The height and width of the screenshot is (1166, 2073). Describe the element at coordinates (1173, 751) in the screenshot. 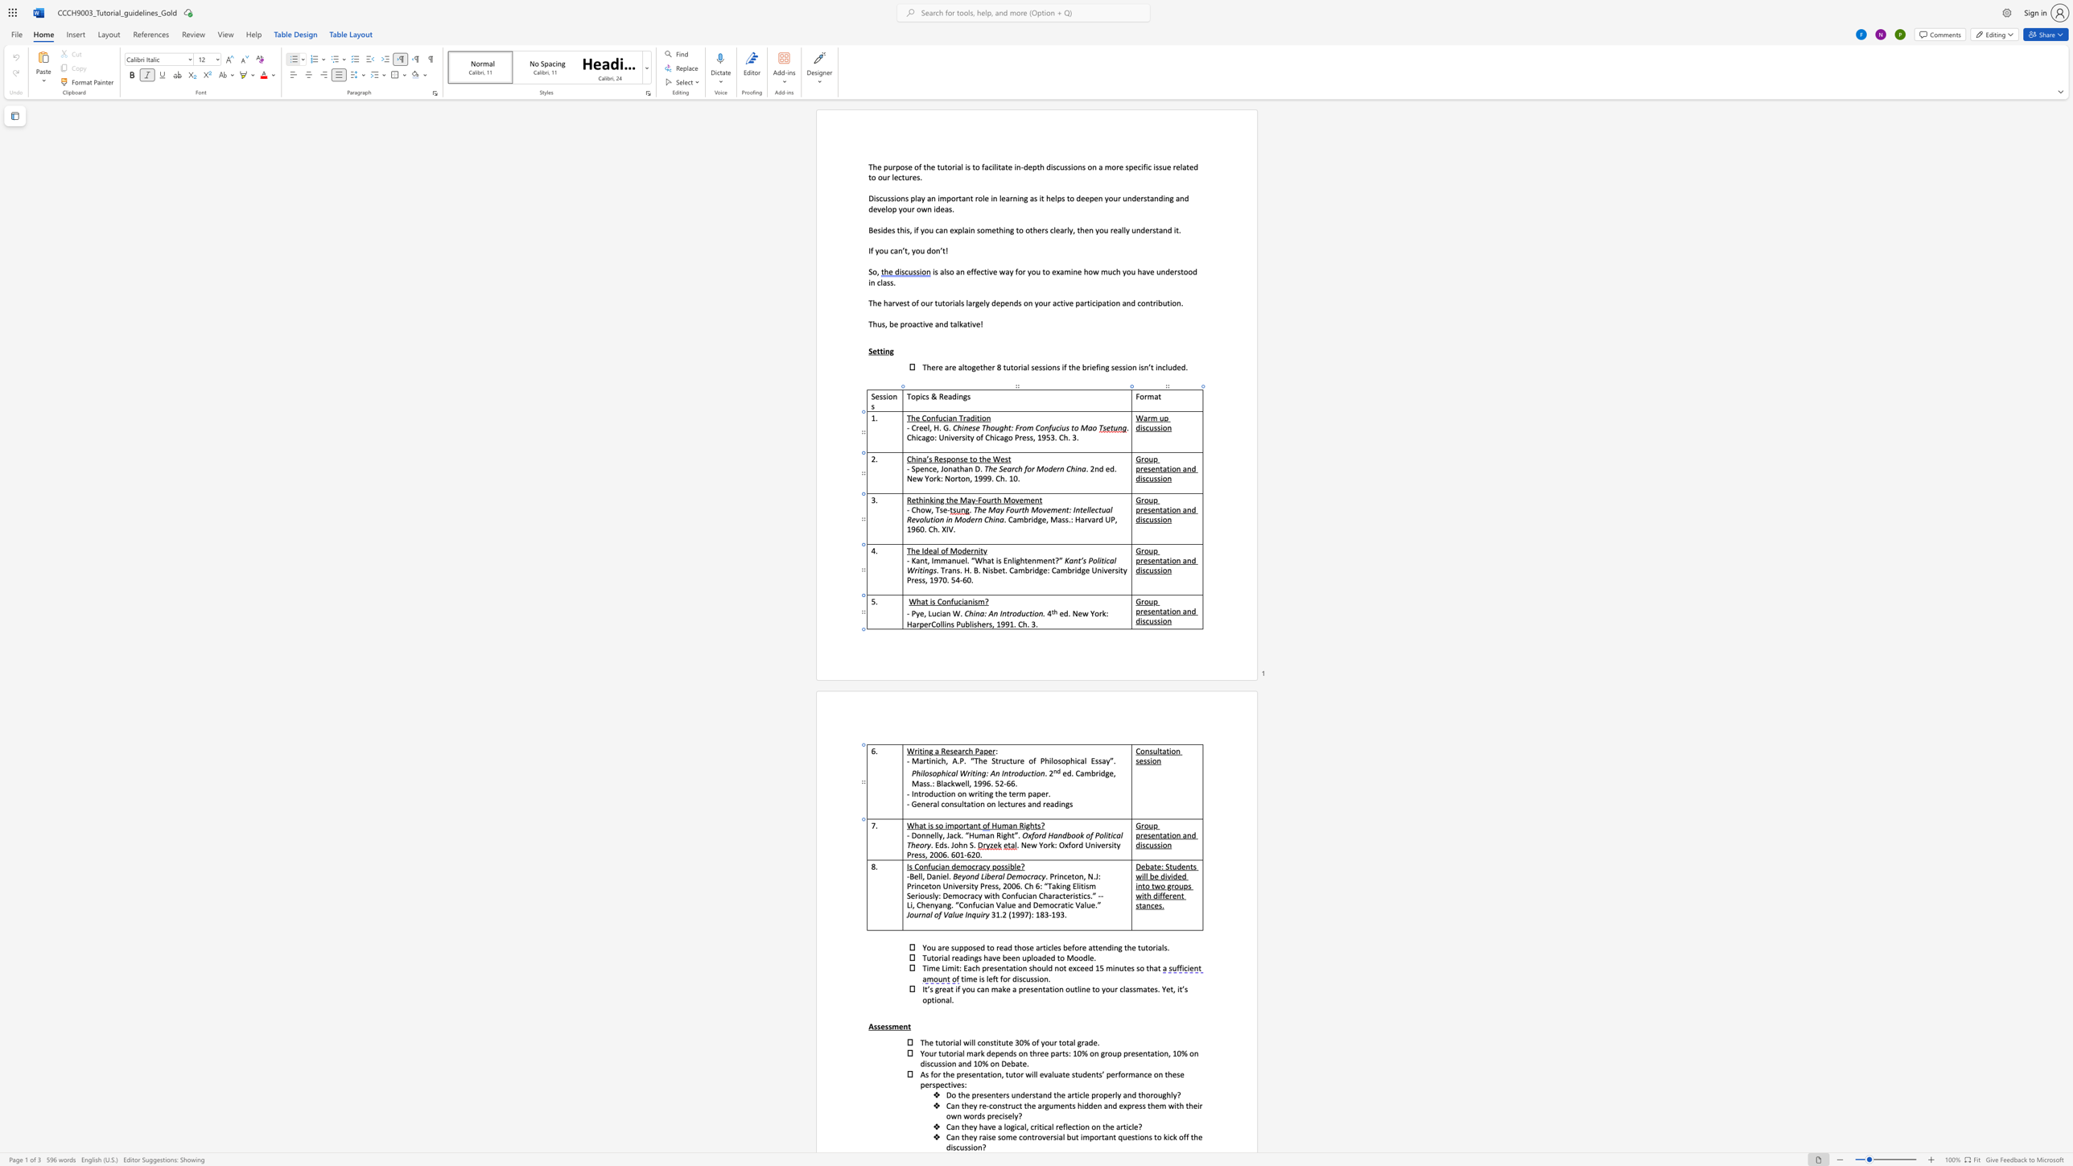

I see `the 2th character "o" in the text` at that location.